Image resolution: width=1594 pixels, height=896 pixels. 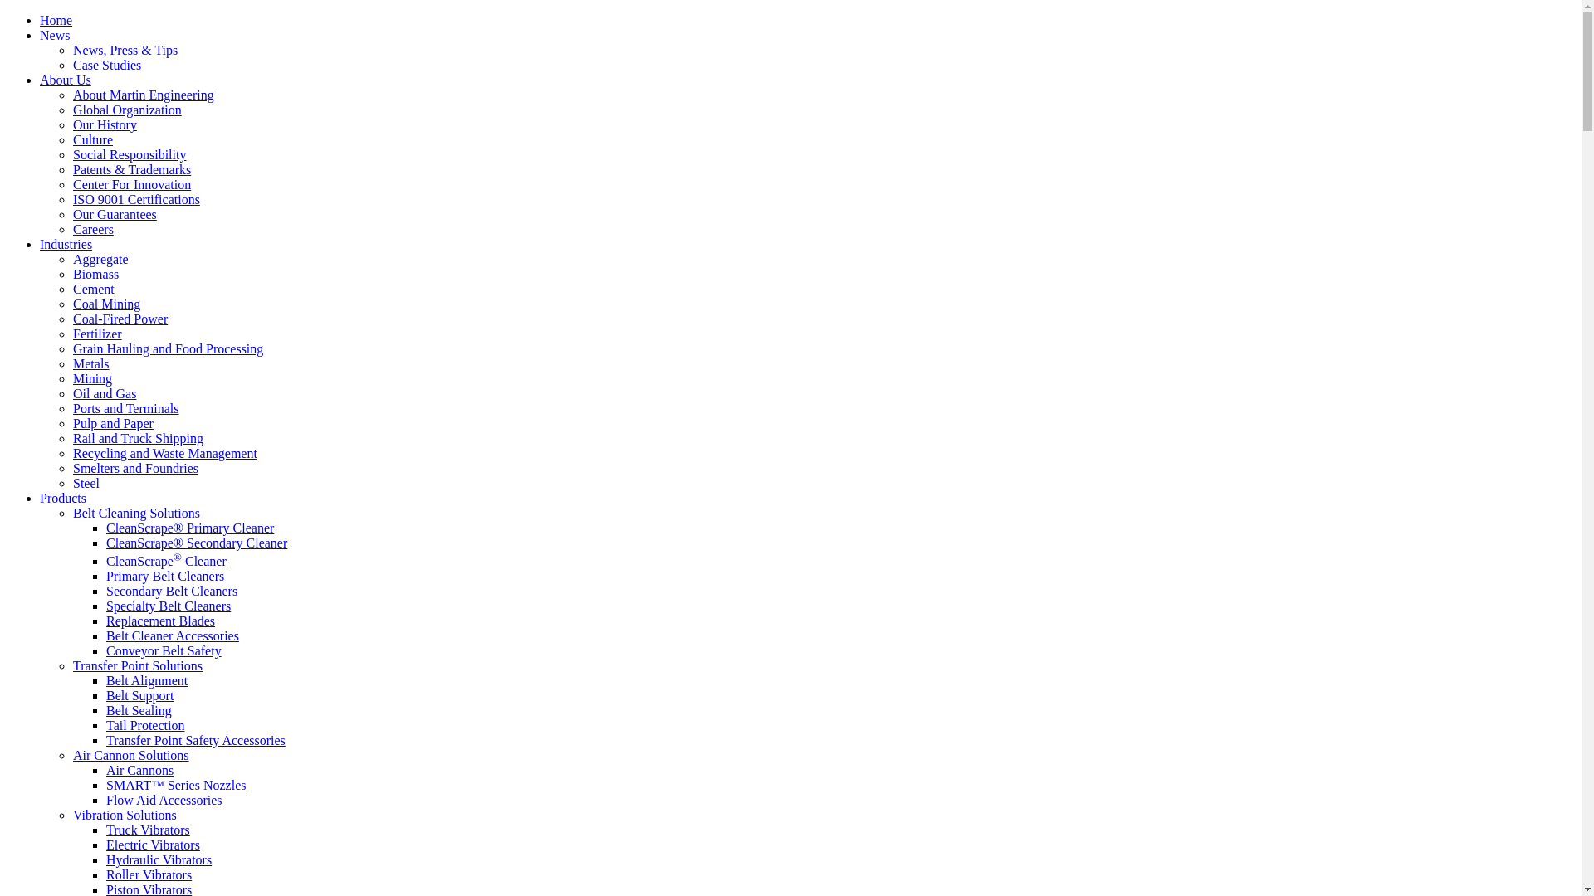 What do you see at coordinates (105, 575) in the screenshot?
I see `'Primary Belt Cleaners'` at bounding box center [105, 575].